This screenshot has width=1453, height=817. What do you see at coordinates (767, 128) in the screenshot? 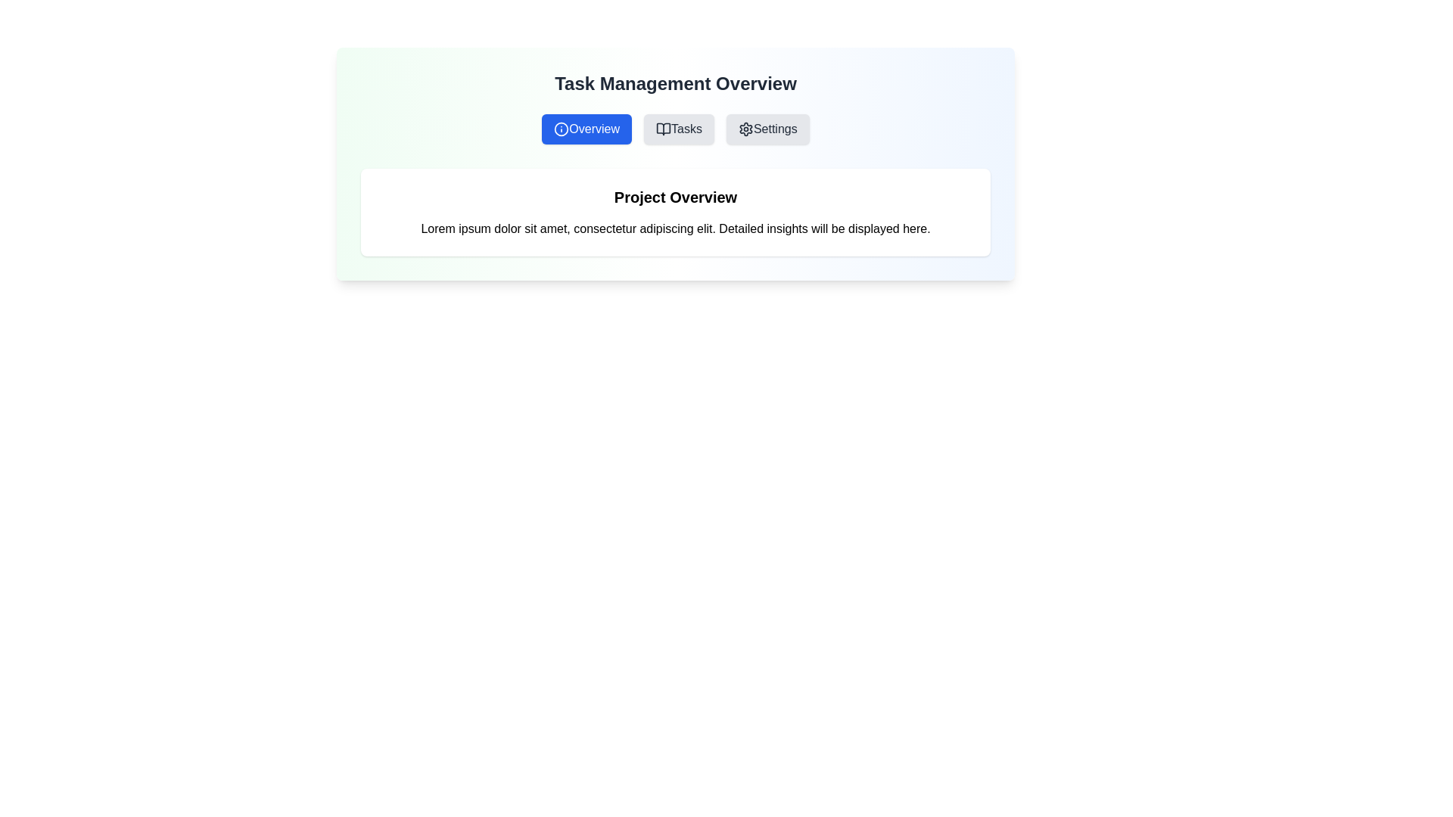
I see `the third button in the navigation section` at bounding box center [767, 128].